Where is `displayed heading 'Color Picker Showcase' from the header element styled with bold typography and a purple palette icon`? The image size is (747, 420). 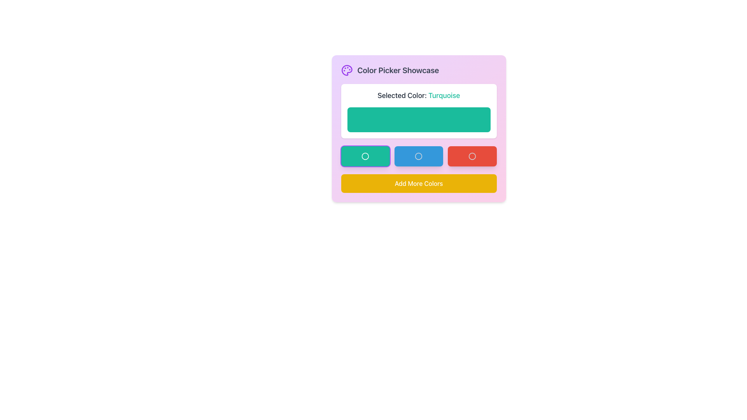 displayed heading 'Color Picker Showcase' from the header element styled with bold typography and a purple palette icon is located at coordinates (418, 70).